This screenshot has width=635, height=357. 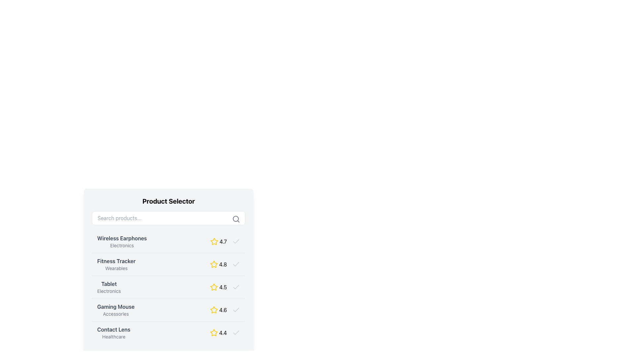 What do you see at coordinates (225, 264) in the screenshot?
I see `the Rating Indicator displaying a rating of 4.8, which includes a yellow star icon and a gray checkmark, located to the right of the 'Fitness Tracker' text` at bounding box center [225, 264].